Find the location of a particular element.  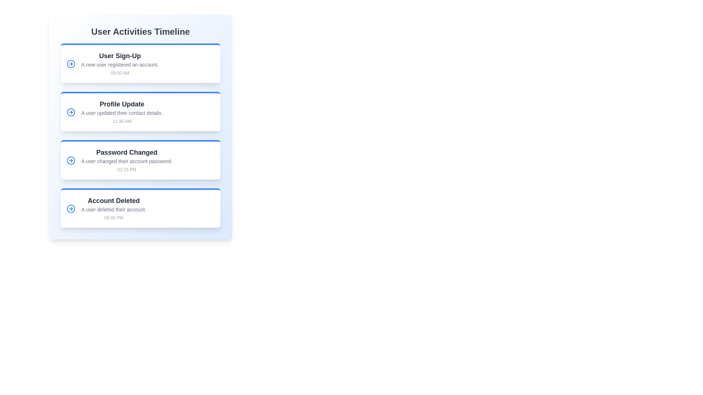

the action icon located at the top-left corner of the 'Profile Update' card is located at coordinates (71, 112).